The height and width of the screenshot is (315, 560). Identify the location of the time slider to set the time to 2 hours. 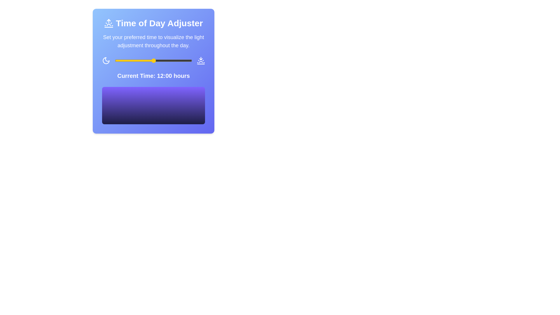
(121, 61).